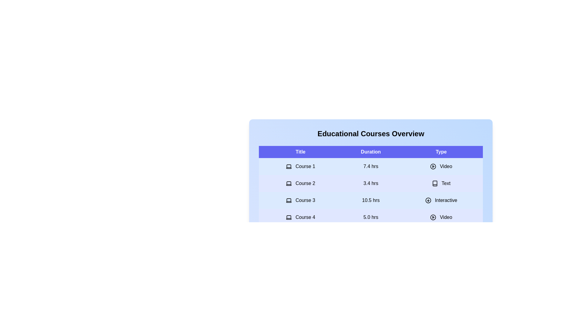 This screenshot has width=582, height=327. I want to click on the 'Duration' column header to sort the table by duration, so click(370, 151).